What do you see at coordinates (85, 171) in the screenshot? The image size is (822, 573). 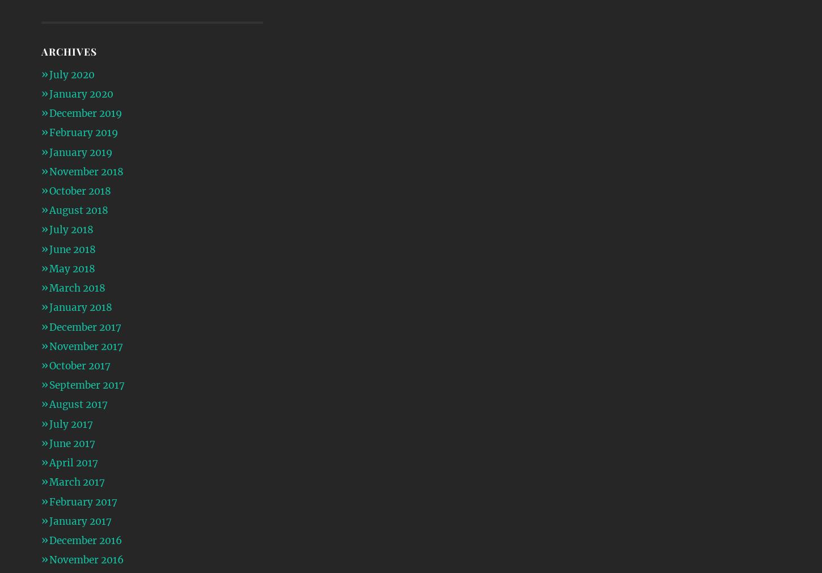 I see `'November 2018'` at bounding box center [85, 171].